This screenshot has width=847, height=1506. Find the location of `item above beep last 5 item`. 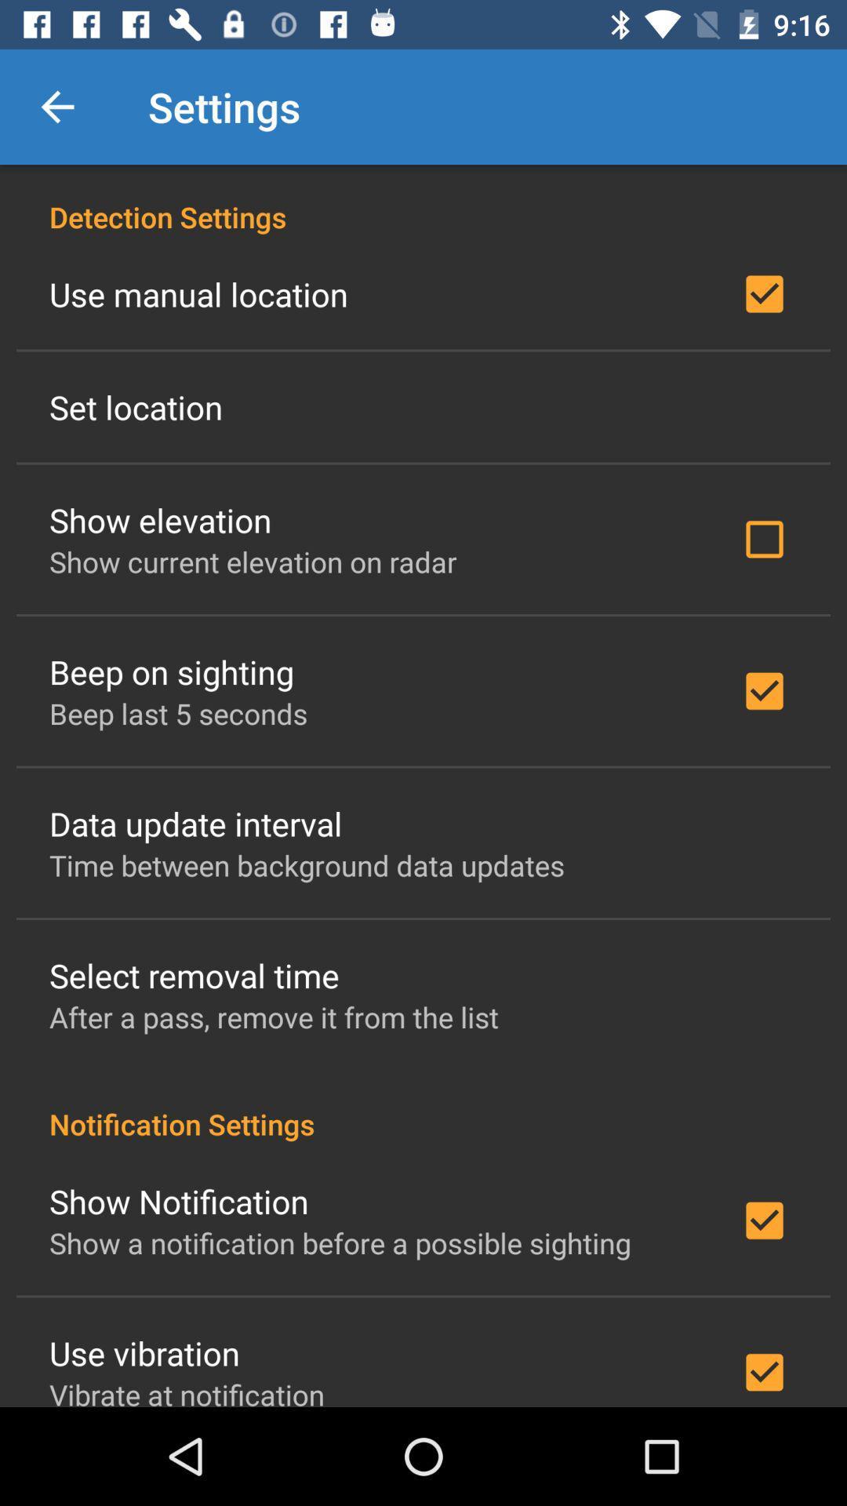

item above beep last 5 item is located at coordinates (172, 671).